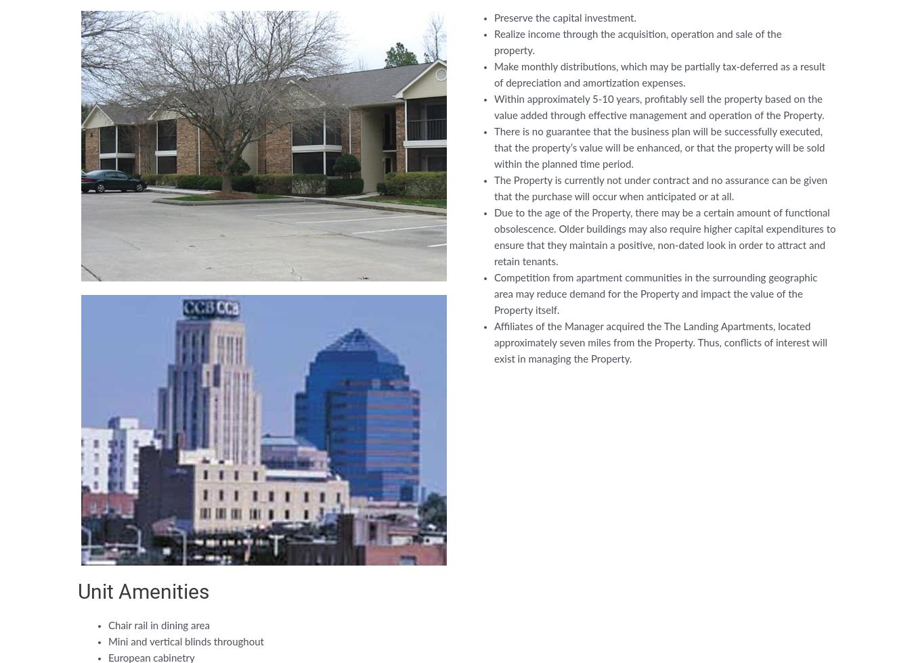  What do you see at coordinates (660, 189) in the screenshot?
I see `'The Property is currently not under contract and no assurance can be given that the purchase will occur when anticipated or at all.'` at bounding box center [660, 189].